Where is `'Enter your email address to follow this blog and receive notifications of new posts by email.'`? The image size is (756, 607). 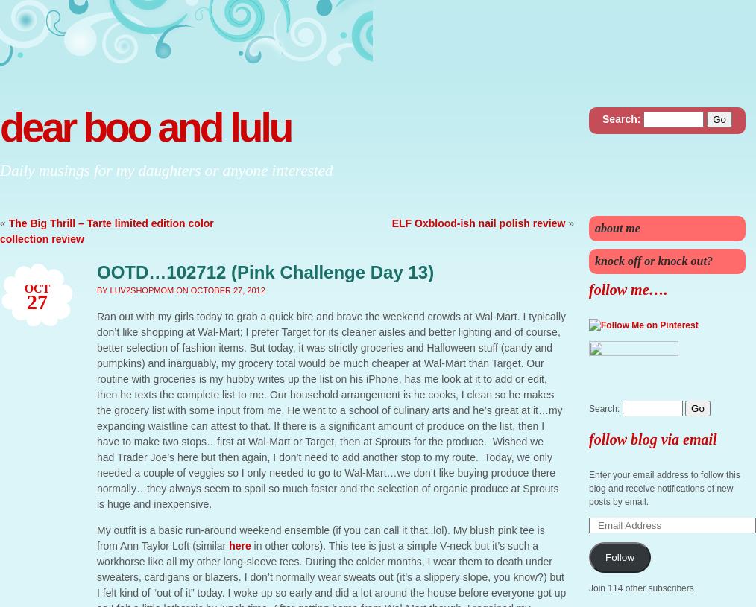 'Enter your email address to follow this blog and receive notifications of new posts by email.' is located at coordinates (664, 487).